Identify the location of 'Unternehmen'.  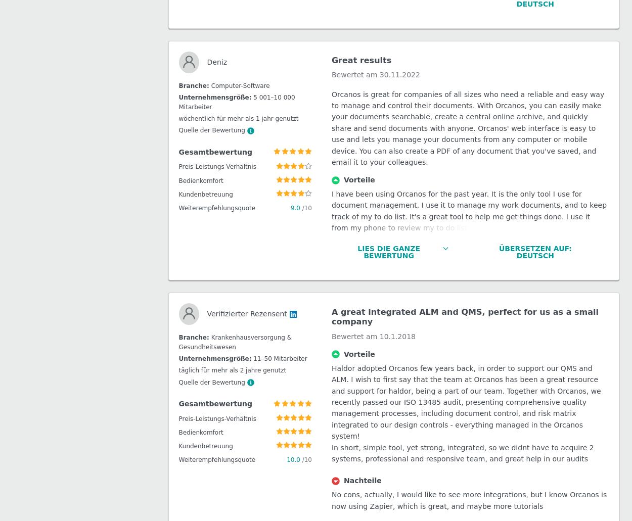
(13, 162).